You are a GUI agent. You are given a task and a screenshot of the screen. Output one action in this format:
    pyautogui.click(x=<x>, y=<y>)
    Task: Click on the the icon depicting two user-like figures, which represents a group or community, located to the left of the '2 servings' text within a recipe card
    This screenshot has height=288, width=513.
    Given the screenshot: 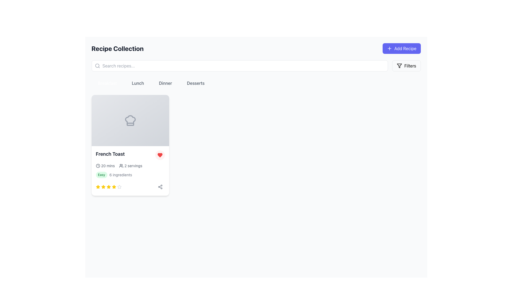 What is the action you would take?
    pyautogui.click(x=121, y=165)
    